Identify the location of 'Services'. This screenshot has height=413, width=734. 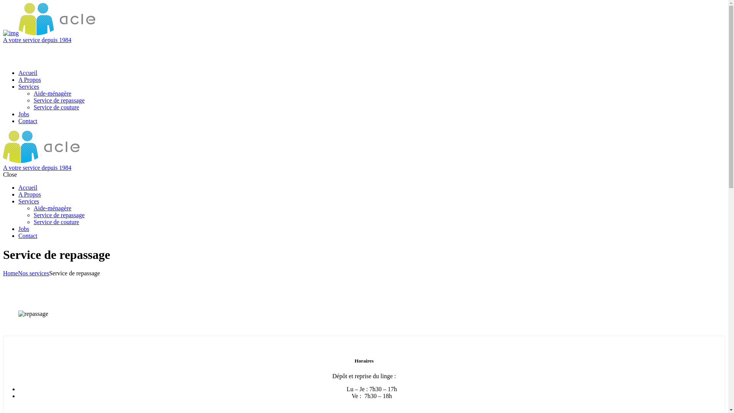
(29, 86).